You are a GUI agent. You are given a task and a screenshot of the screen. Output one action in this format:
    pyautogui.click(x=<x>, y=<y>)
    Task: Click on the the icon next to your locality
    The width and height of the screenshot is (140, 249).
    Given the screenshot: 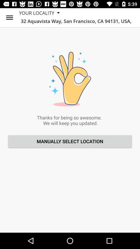 What is the action you would take?
    pyautogui.click(x=9, y=18)
    